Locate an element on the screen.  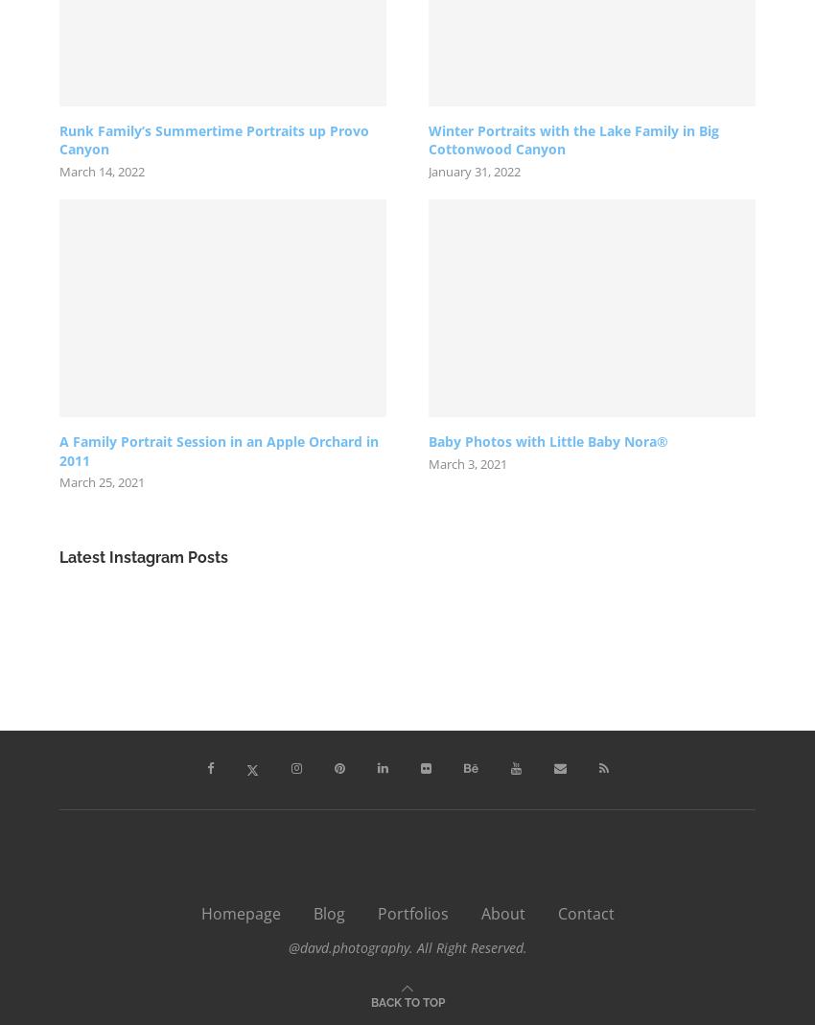
'March 3, 2021' is located at coordinates (466, 461).